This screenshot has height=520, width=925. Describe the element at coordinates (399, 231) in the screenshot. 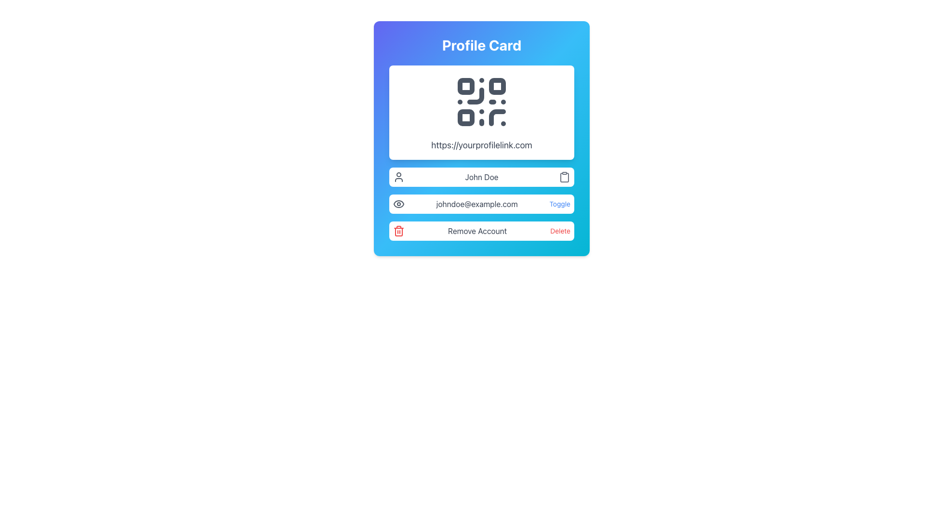

I see `the visual representation of the trash can icon, which is red and indicates a delete action, located in the 'Remove Account' section` at that location.